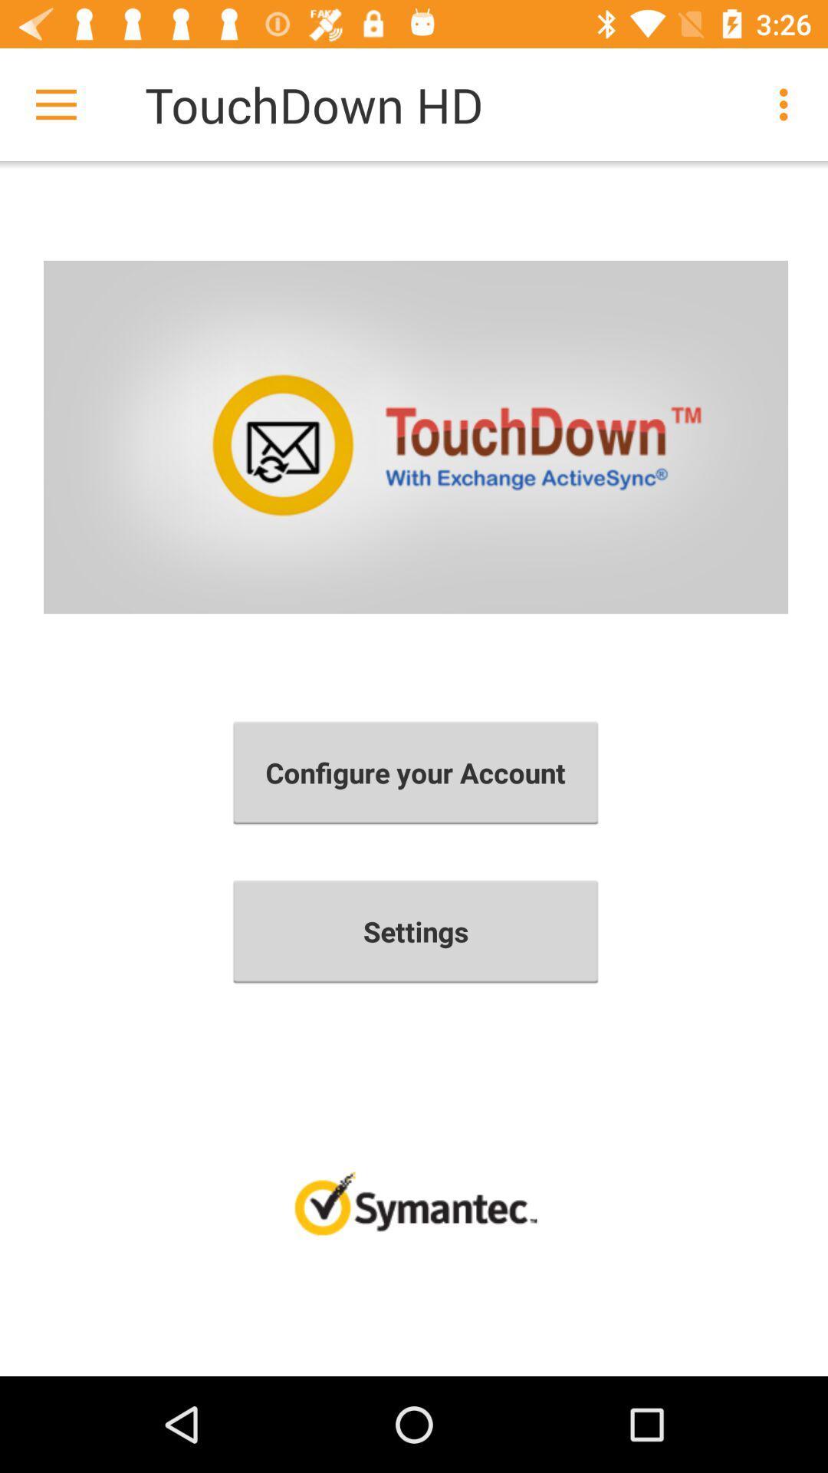  I want to click on the item to the left of touchdown hd, so click(55, 104).